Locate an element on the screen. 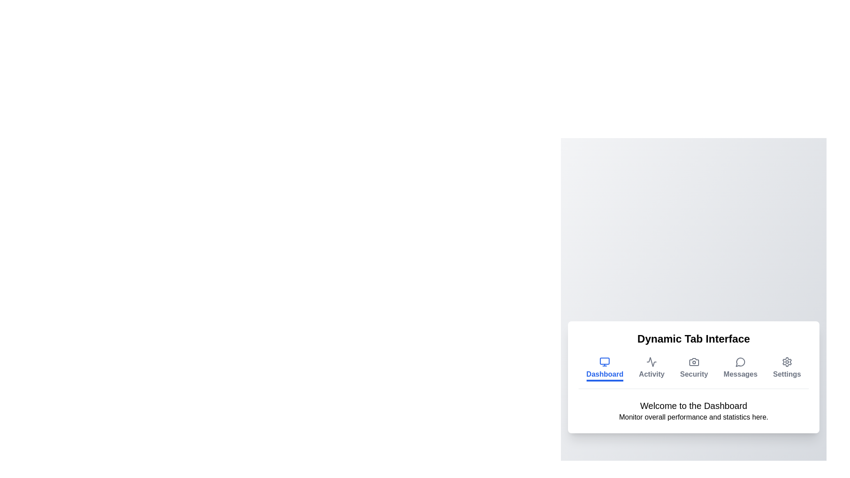 The width and height of the screenshot is (850, 478). the third tab labeled 'Security' in the multi-tab toolbar is located at coordinates (693, 372).